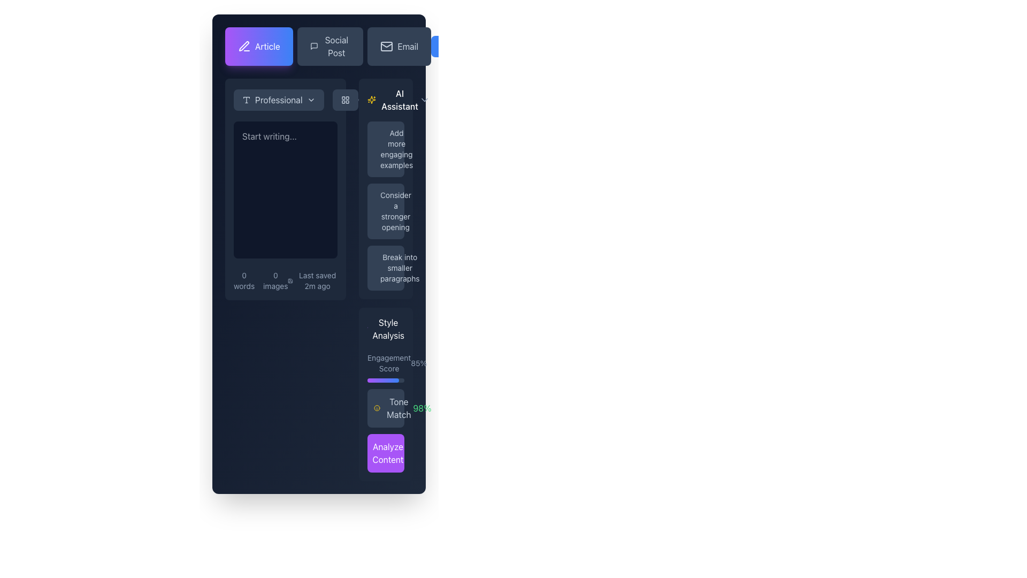 This screenshot has height=578, width=1027. Describe the element at coordinates (385, 100) in the screenshot. I see `the label with an accompanying icon located in the top-right section of the interface, which serves as a title or section description` at that location.